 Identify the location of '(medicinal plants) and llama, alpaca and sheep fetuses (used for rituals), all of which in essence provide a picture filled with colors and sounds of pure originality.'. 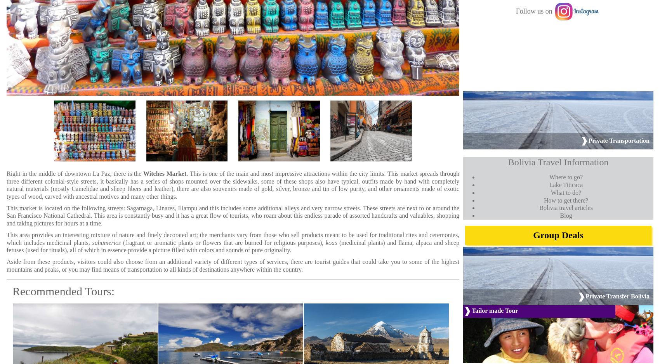
(232, 246).